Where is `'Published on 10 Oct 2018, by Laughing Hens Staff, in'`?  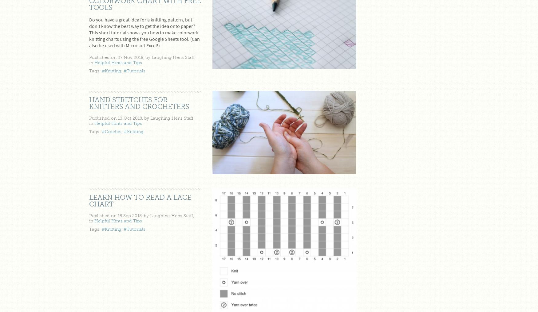 'Published on 10 Oct 2018, by Laughing Hens Staff, in' is located at coordinates (89, 120).